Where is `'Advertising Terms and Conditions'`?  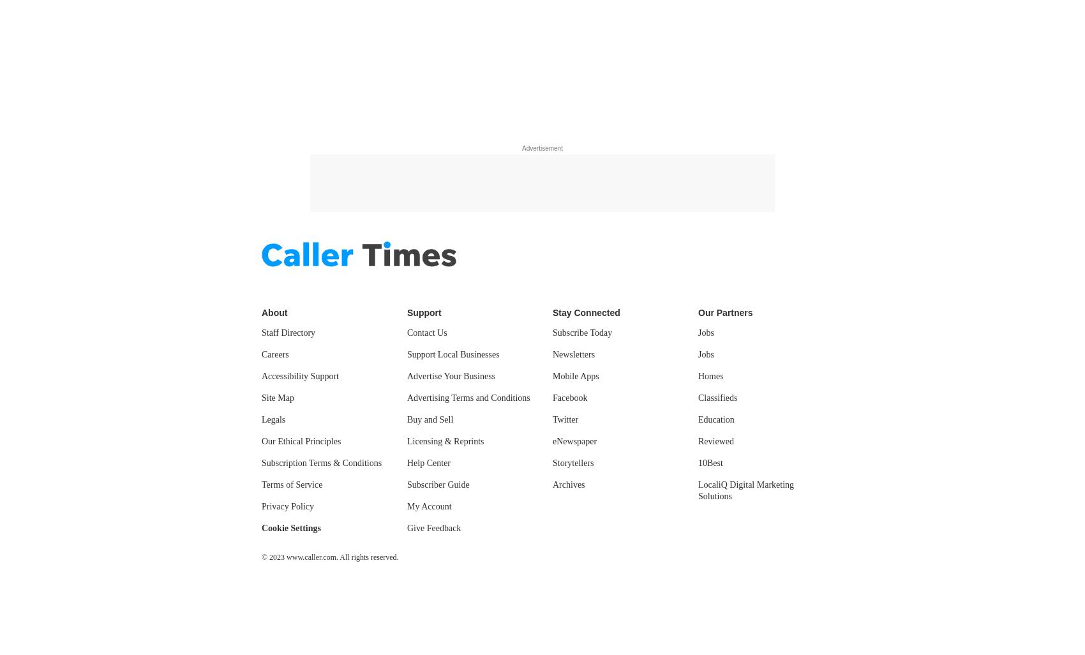 'Advertising Terms and Conditions' is located at coordinates (407, 398).